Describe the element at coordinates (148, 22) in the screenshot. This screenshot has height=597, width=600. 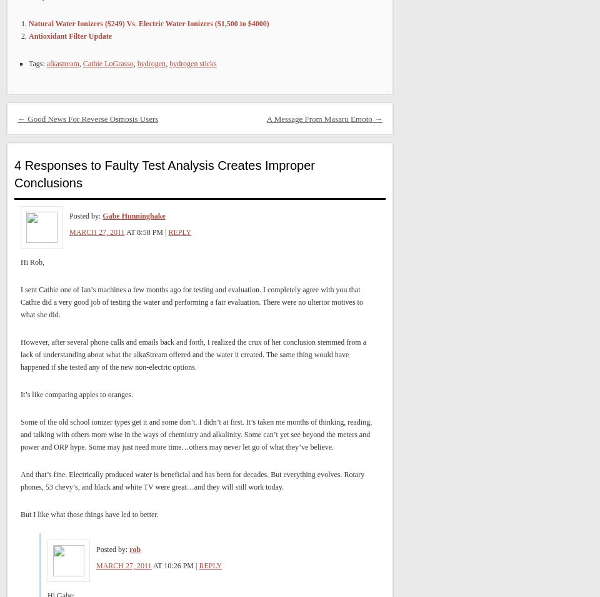
I see `'Natural Water Ionizers ($249) Vs. Electric Water Ionizers ($1,500 to $4000)'` at that location.